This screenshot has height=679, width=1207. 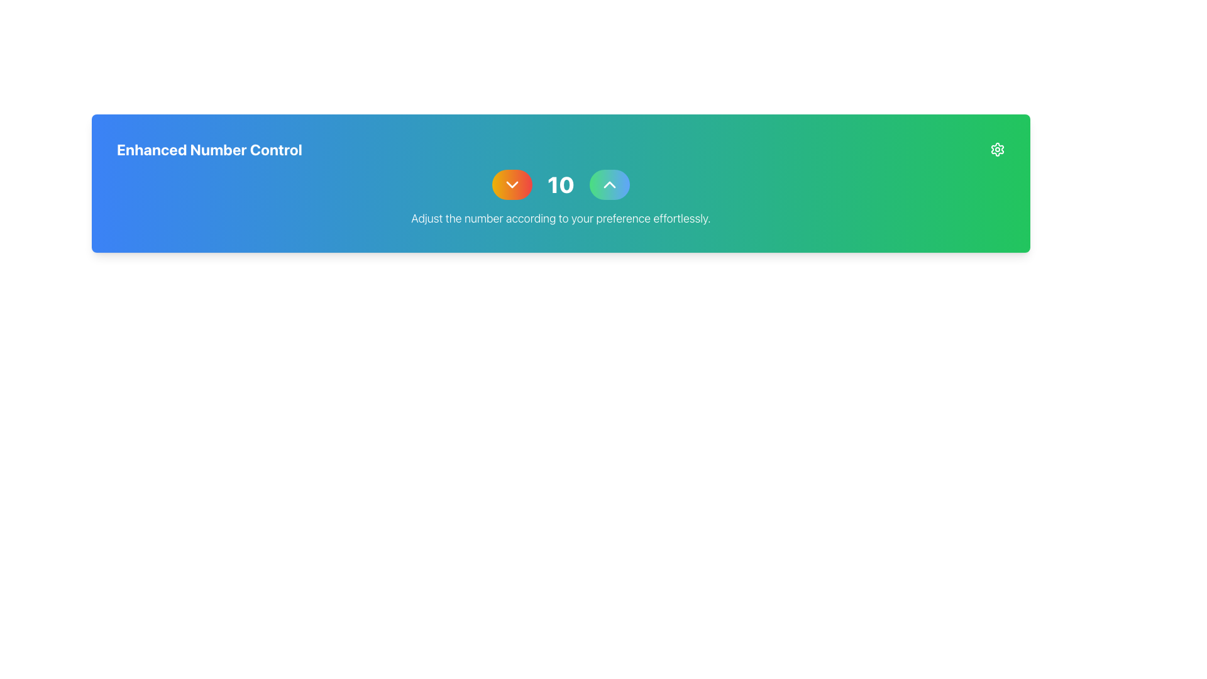 I want to click on the increment button positioned to the right of the numeric value '10', so click(x=609, y=184).